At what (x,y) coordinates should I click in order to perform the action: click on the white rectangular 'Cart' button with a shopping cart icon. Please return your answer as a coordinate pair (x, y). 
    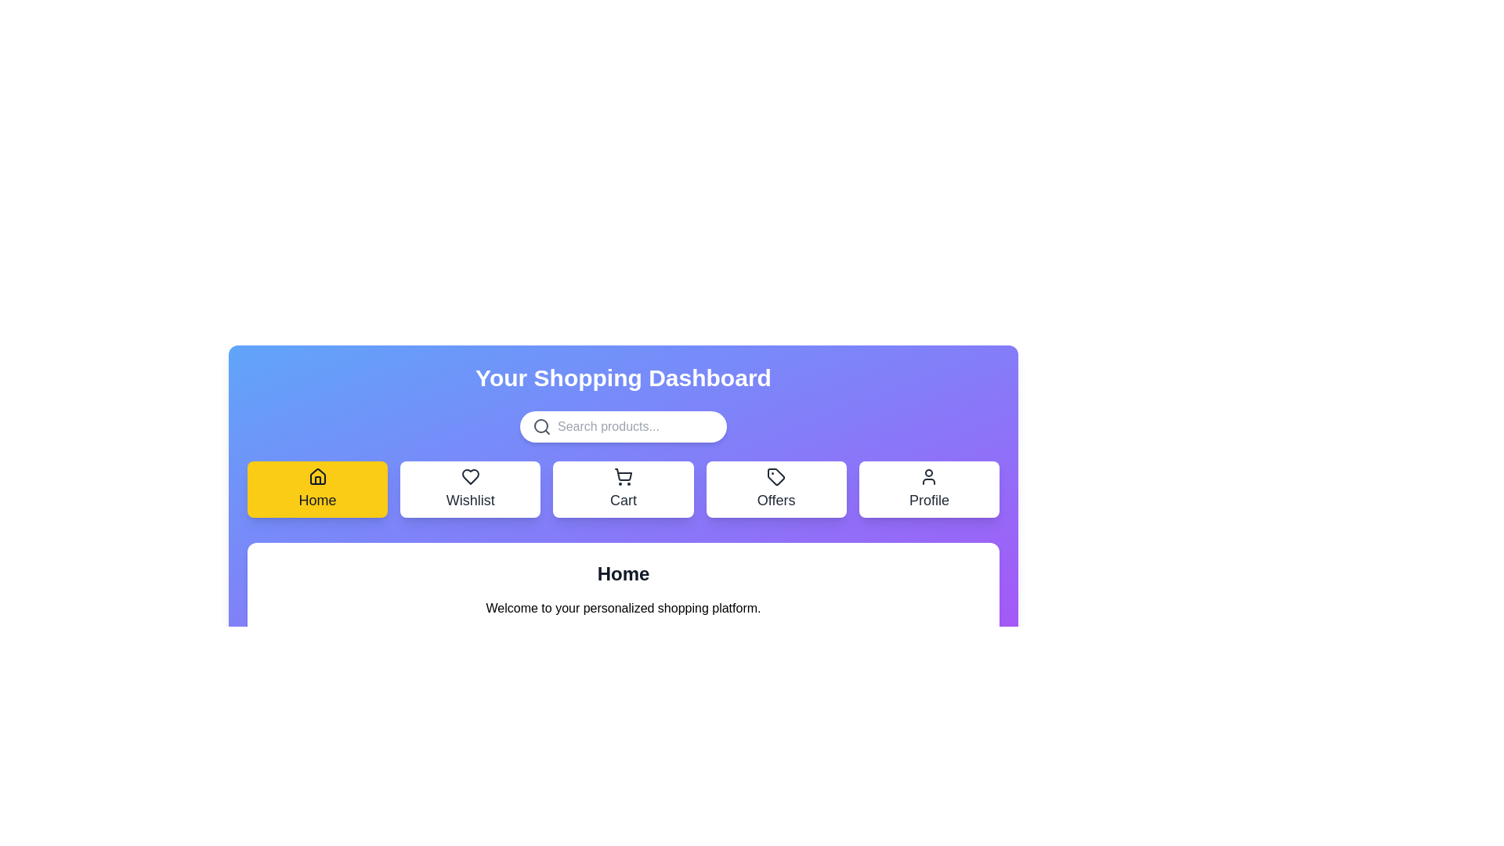
    Looking at the image, I should click on (623, 488).